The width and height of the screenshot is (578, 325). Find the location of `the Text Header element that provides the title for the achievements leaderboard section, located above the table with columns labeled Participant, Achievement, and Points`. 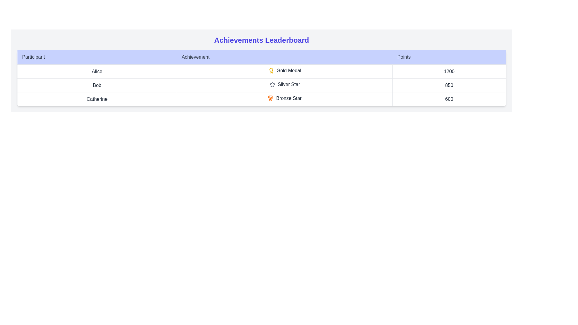

the Text Header element that provides the title for the achievements leaderboard section, located above the table with columns labeled Participant, Achievement, and Points is located at coordinates (261, 40).